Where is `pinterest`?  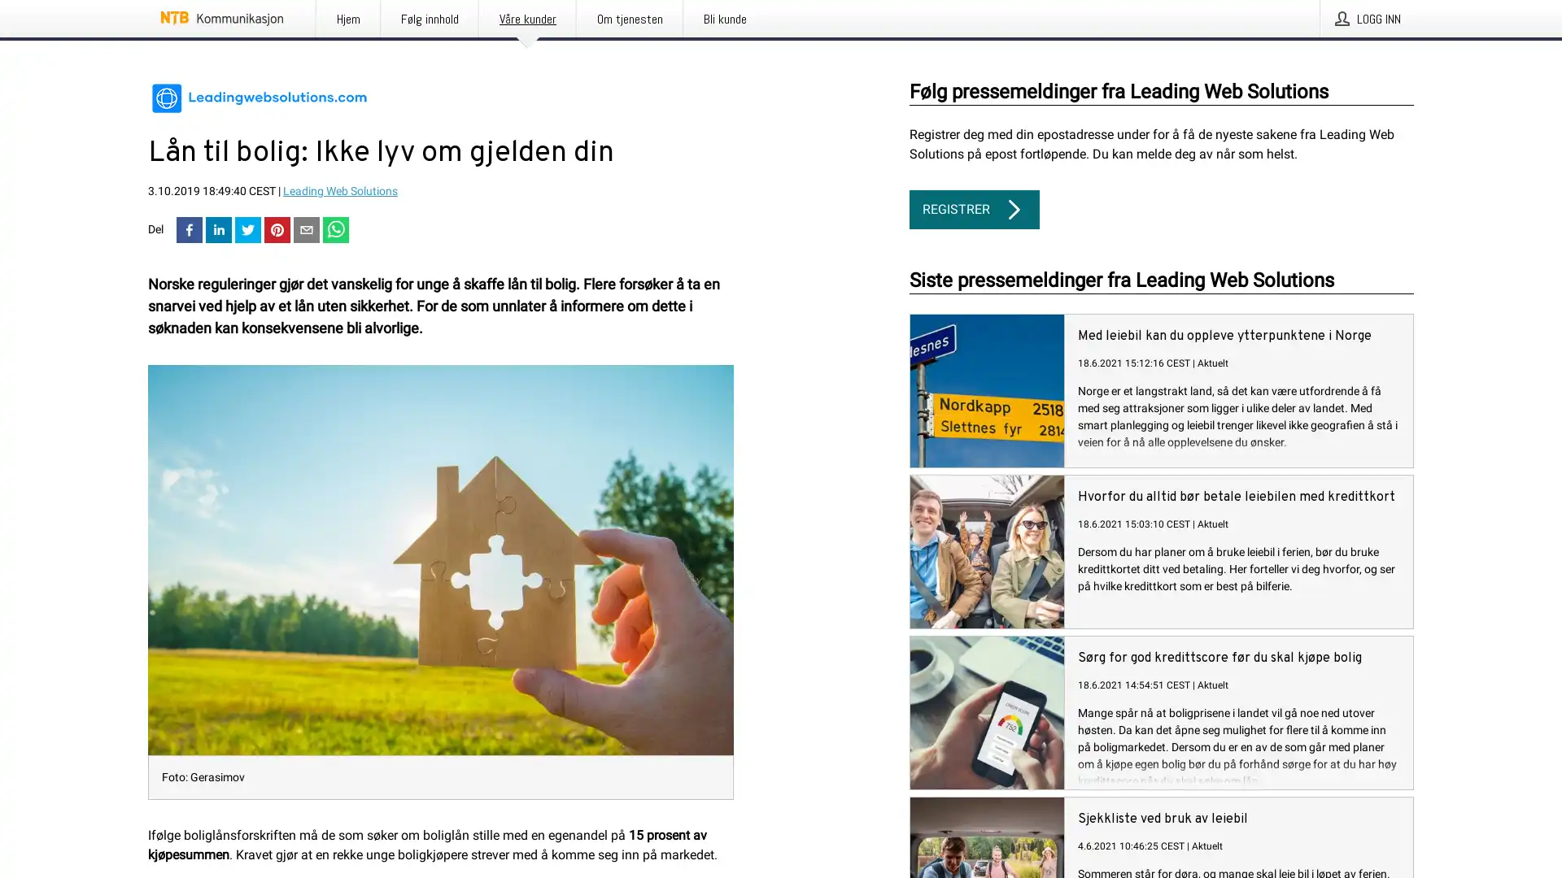
pinterest is located at coordinates (277, 232).